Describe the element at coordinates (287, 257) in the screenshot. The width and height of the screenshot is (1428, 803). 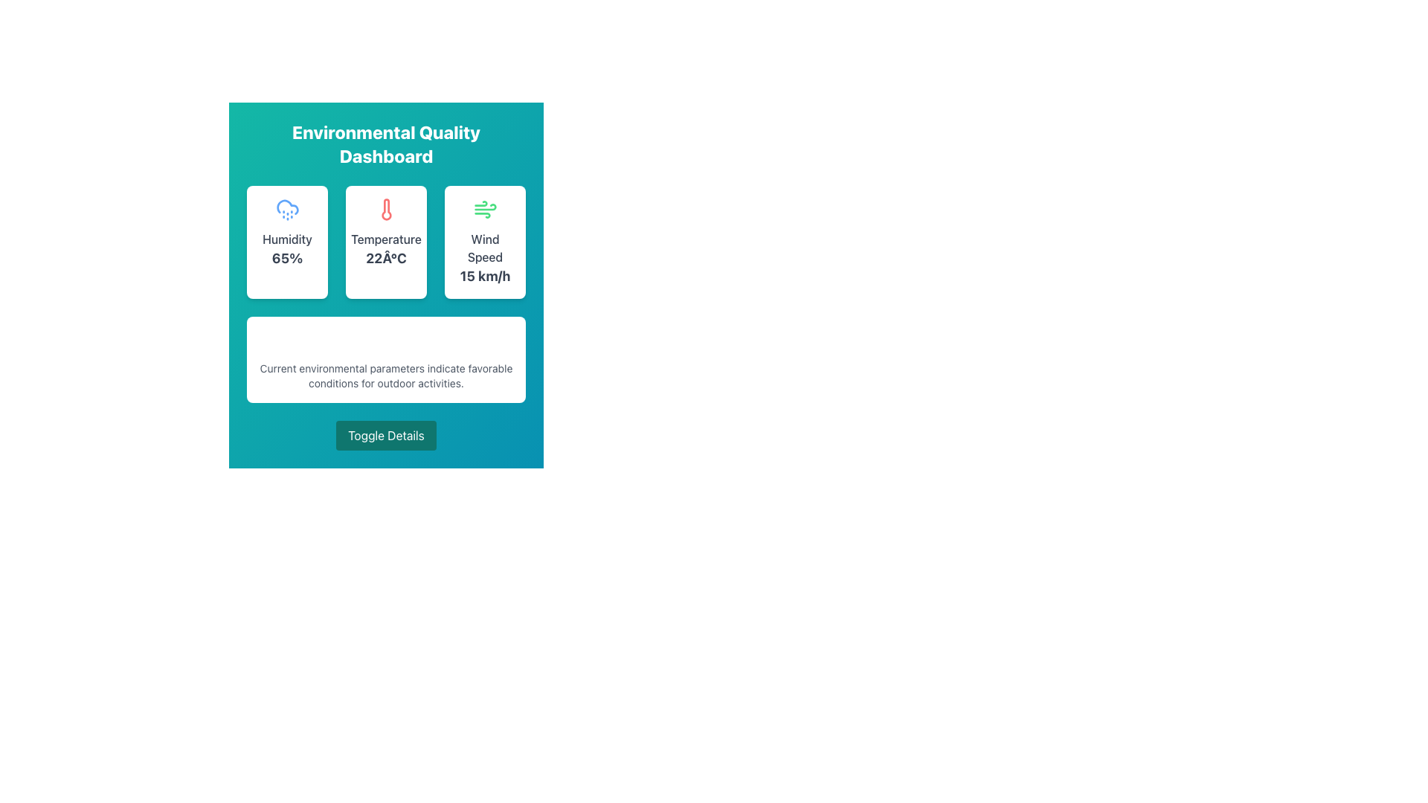
I see `bold text label displaying '65%' located below the 'Humidity' label and associated with the cloud icon` at that location.